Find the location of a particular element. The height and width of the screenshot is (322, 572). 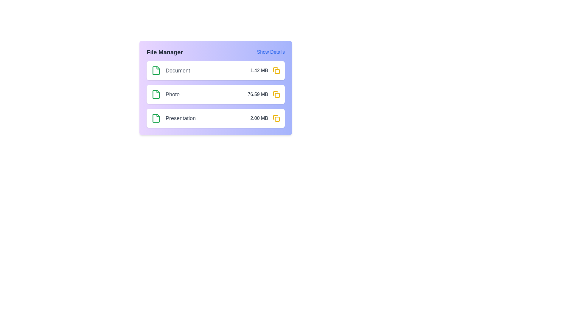

the 'Document' label in the 'File Manager' section for further interactions is located at coordinates (170, 70).